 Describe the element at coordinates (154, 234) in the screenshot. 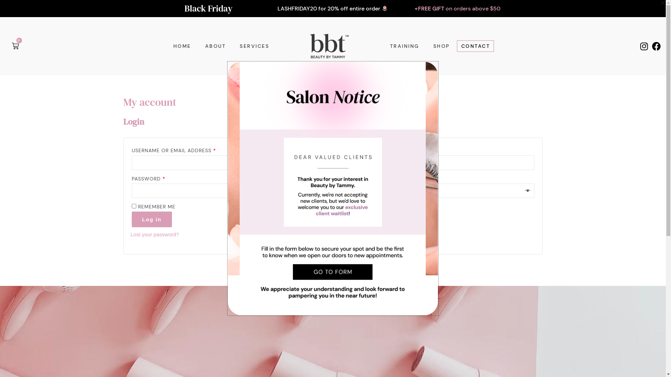

I see `'Lost your password?'` at that location.